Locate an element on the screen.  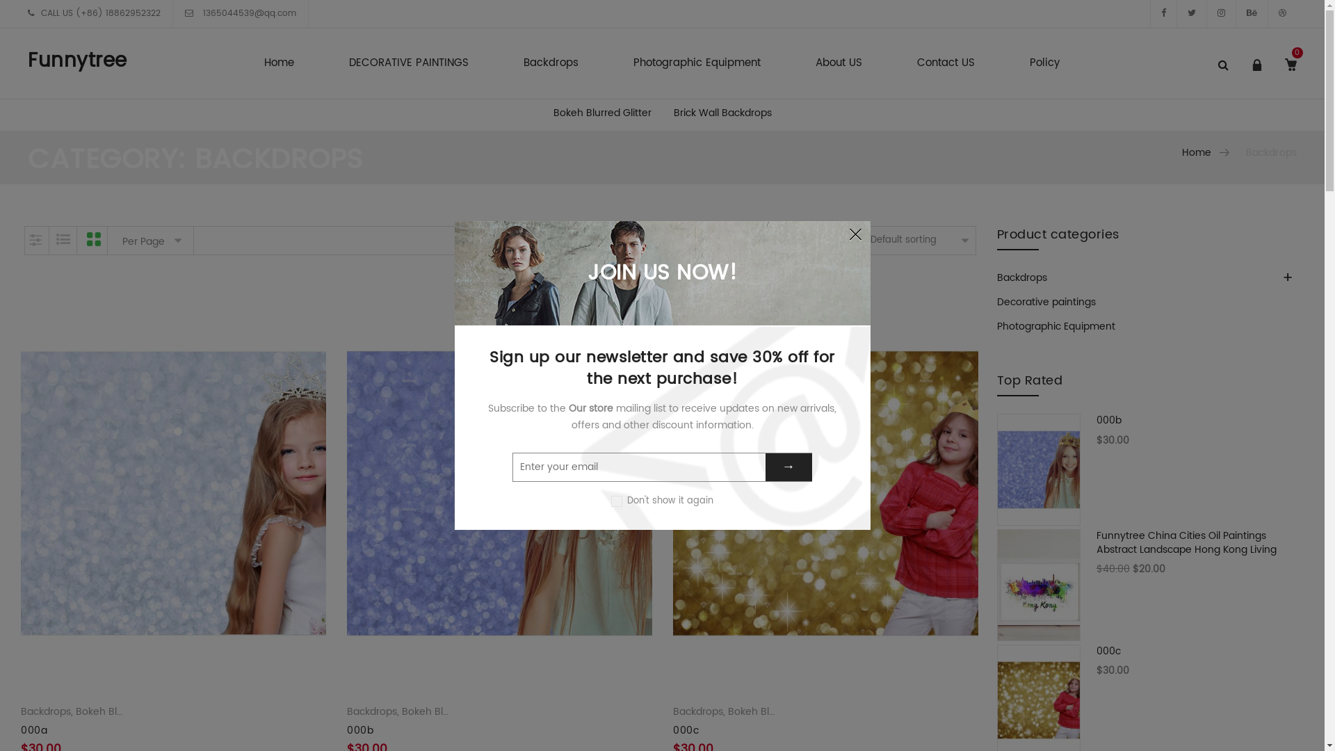
'List view' is located at coordinates (49, 240).